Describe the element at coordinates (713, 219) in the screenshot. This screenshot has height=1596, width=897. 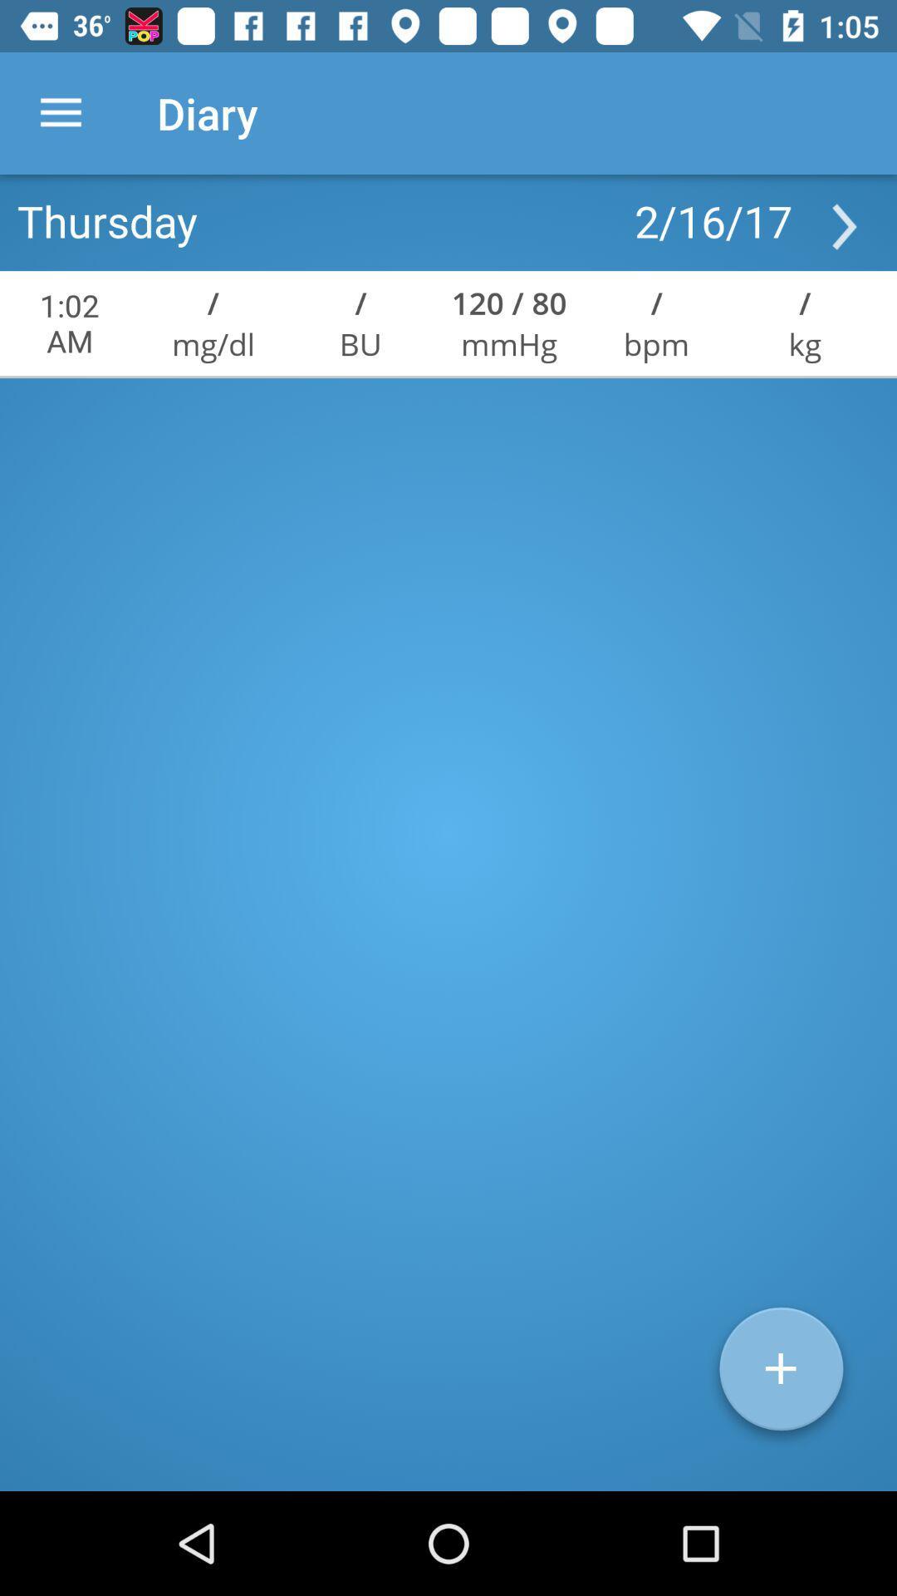
I see `2/16/17` at that location.